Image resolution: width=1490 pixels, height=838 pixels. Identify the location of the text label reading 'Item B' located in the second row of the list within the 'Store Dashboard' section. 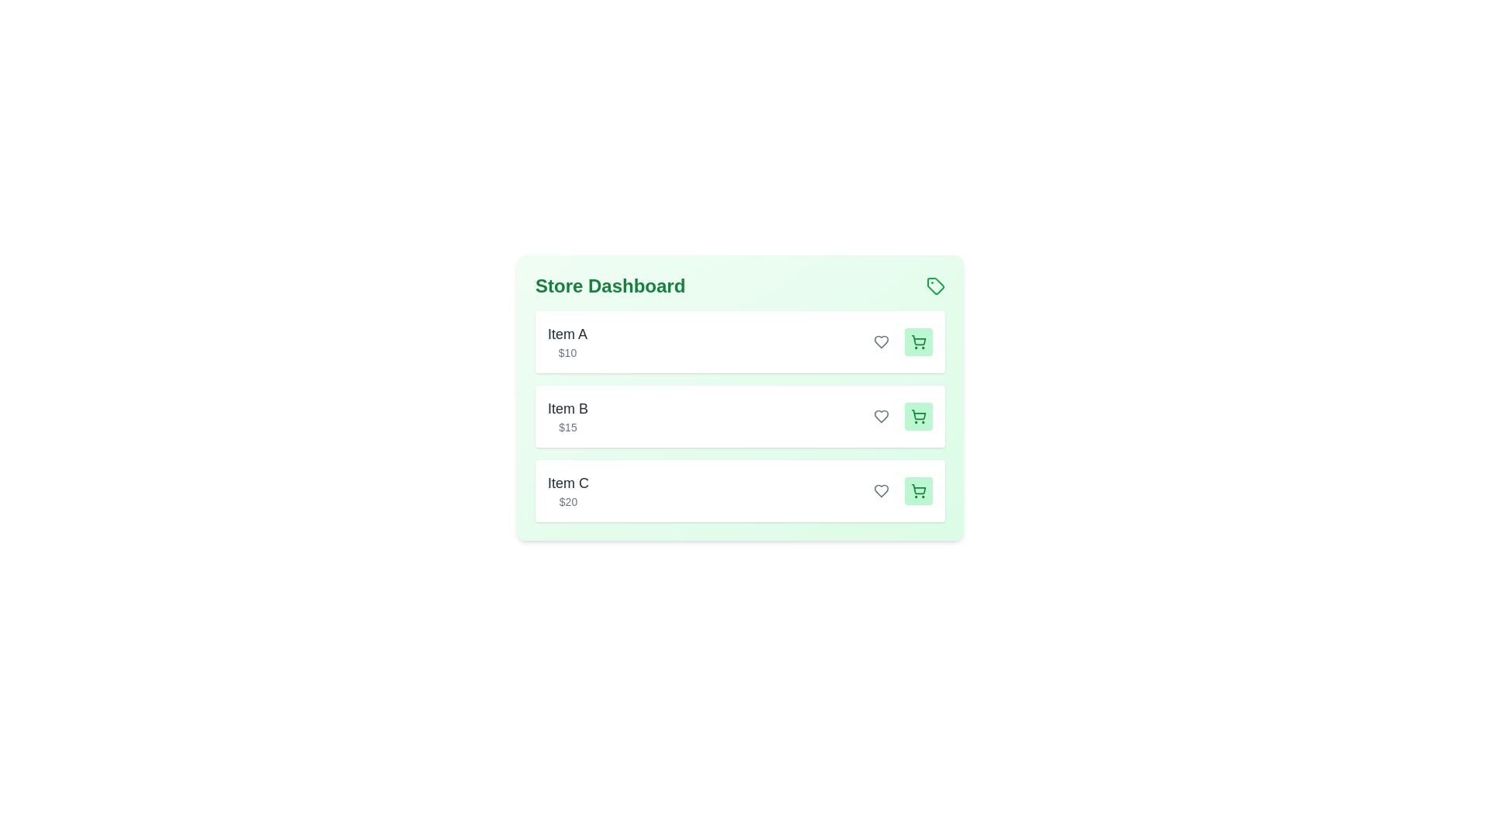
(567, 408).